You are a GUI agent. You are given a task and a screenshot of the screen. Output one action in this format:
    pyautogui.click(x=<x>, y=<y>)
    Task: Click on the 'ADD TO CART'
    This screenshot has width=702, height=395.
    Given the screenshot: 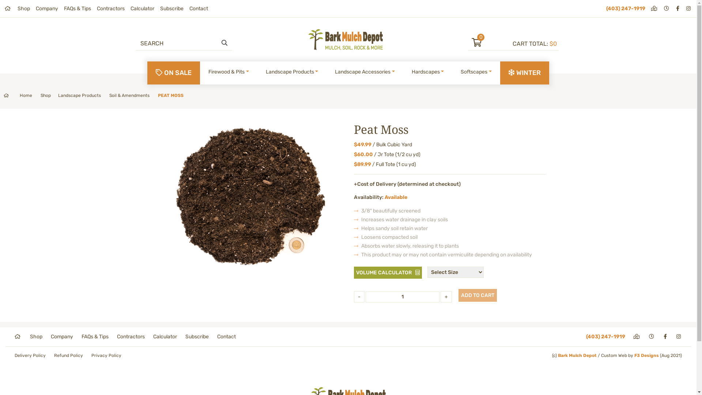 What is the action you would take?
    pyautogui.click(x=478, y=295)
    